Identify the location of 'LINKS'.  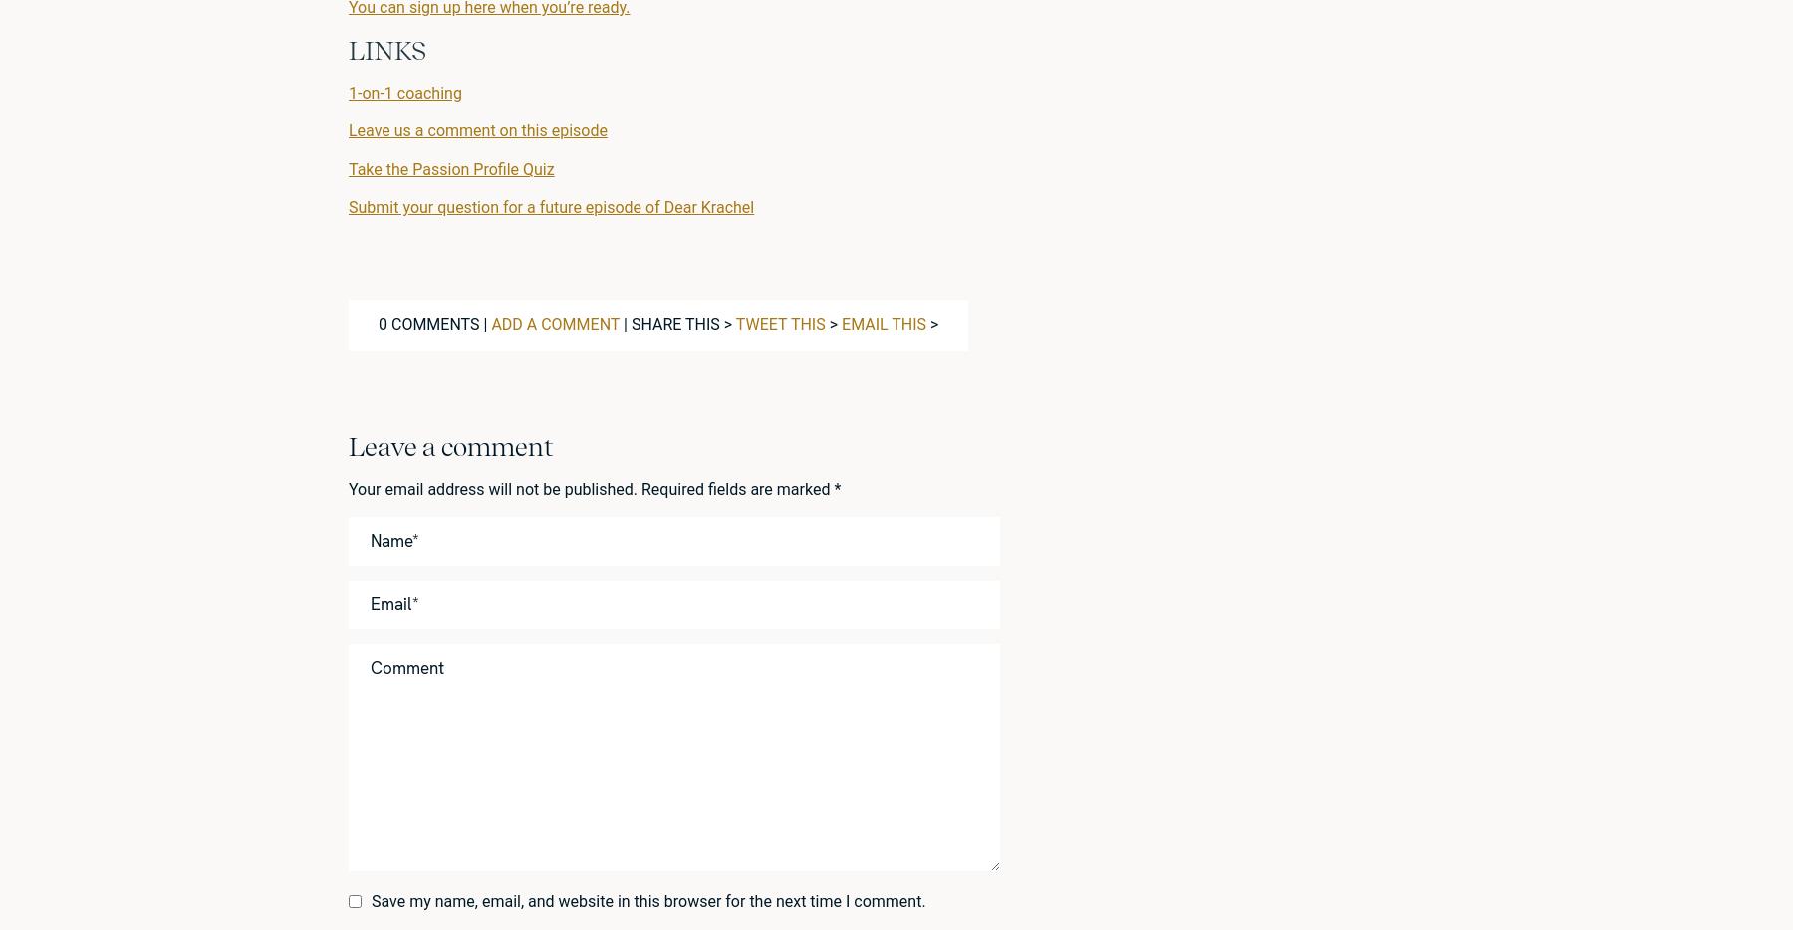
(386, 49).